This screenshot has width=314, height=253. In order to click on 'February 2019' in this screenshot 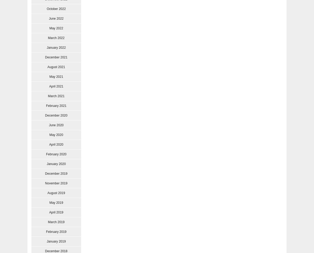, I will do `click(56, 232)`.